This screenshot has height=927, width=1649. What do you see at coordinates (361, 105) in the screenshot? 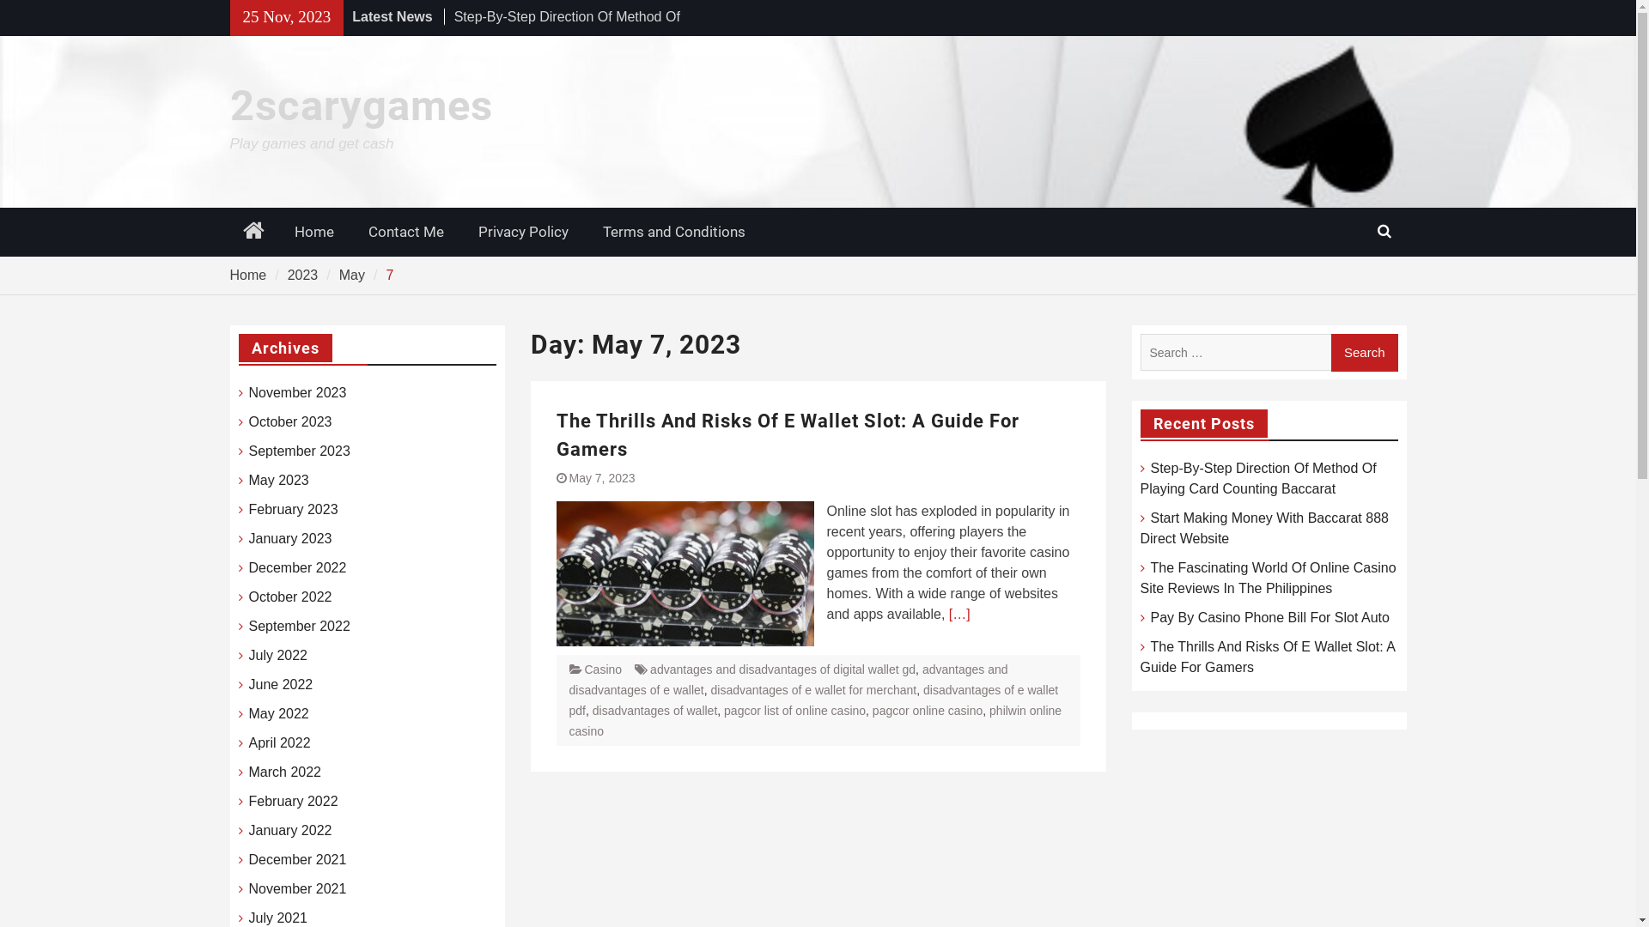
I see `'2scarygames'` at bounding box center [361, 105].